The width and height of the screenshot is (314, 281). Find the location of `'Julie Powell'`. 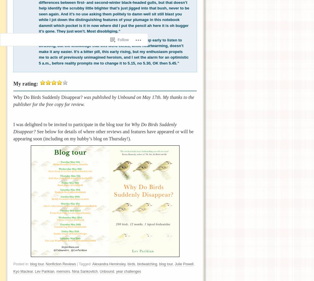

'Julie Powell' is located at coordinates (184, 264).